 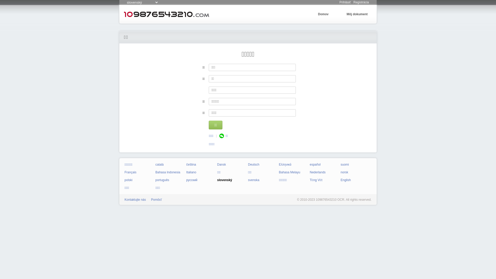 I want to click on 'Italiano', so click(x=191, y=172).